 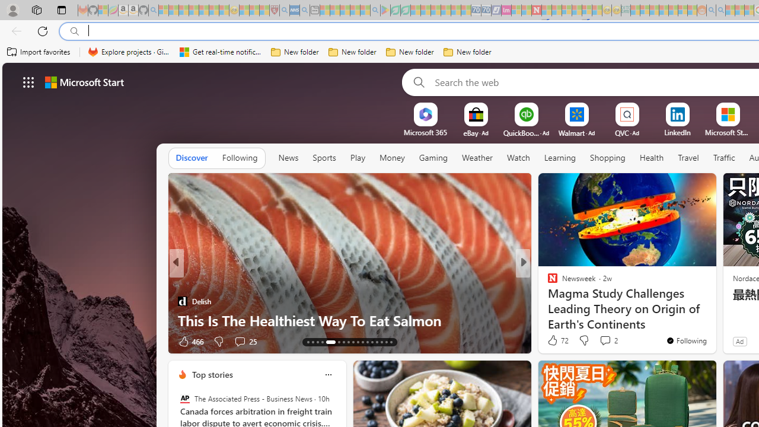 I want to click on 'View comments 11 Comment', so click(x=605, y=341).